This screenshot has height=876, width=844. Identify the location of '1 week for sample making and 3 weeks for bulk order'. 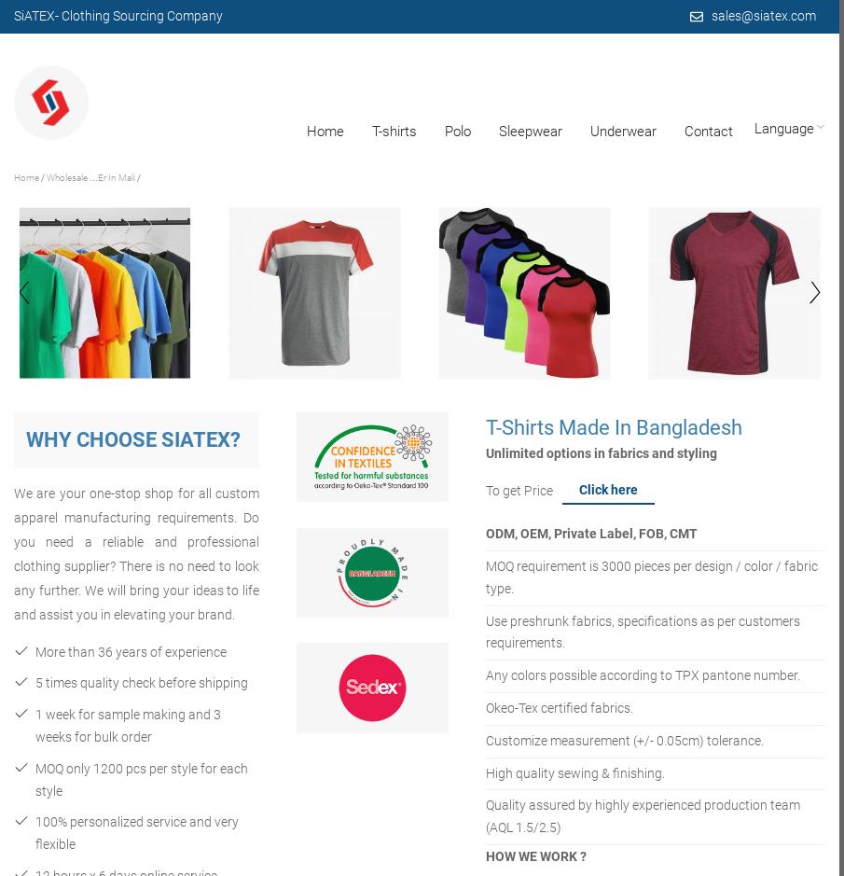
(35, 724).